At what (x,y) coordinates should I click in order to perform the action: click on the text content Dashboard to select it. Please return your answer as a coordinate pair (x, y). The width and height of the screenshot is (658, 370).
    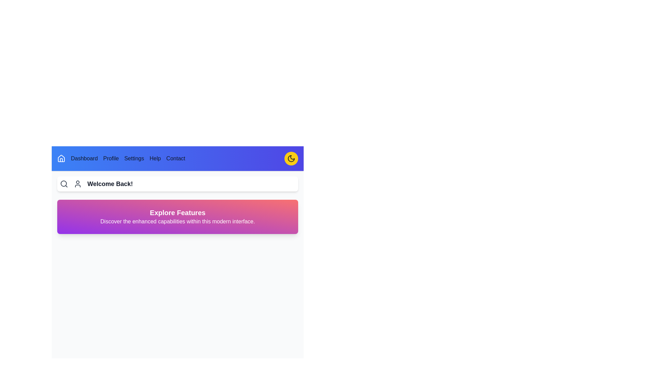
    Looking at the image, I should click on (84, 158).